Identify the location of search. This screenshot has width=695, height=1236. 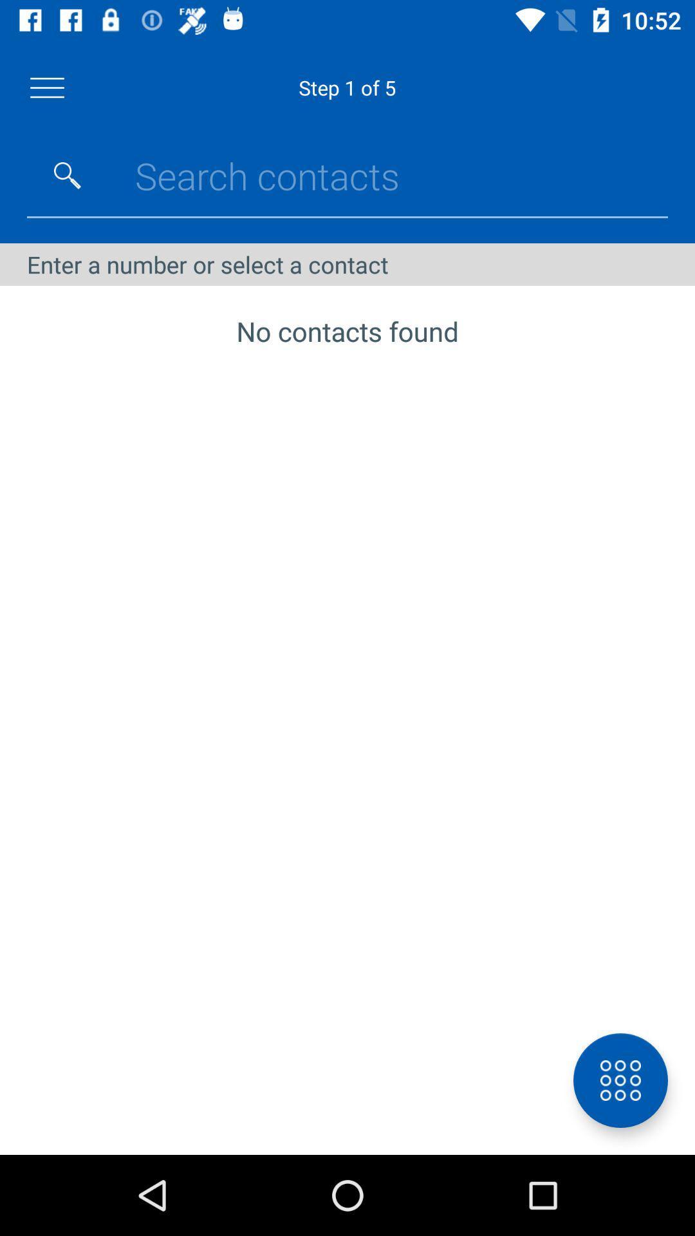
(67, 175).